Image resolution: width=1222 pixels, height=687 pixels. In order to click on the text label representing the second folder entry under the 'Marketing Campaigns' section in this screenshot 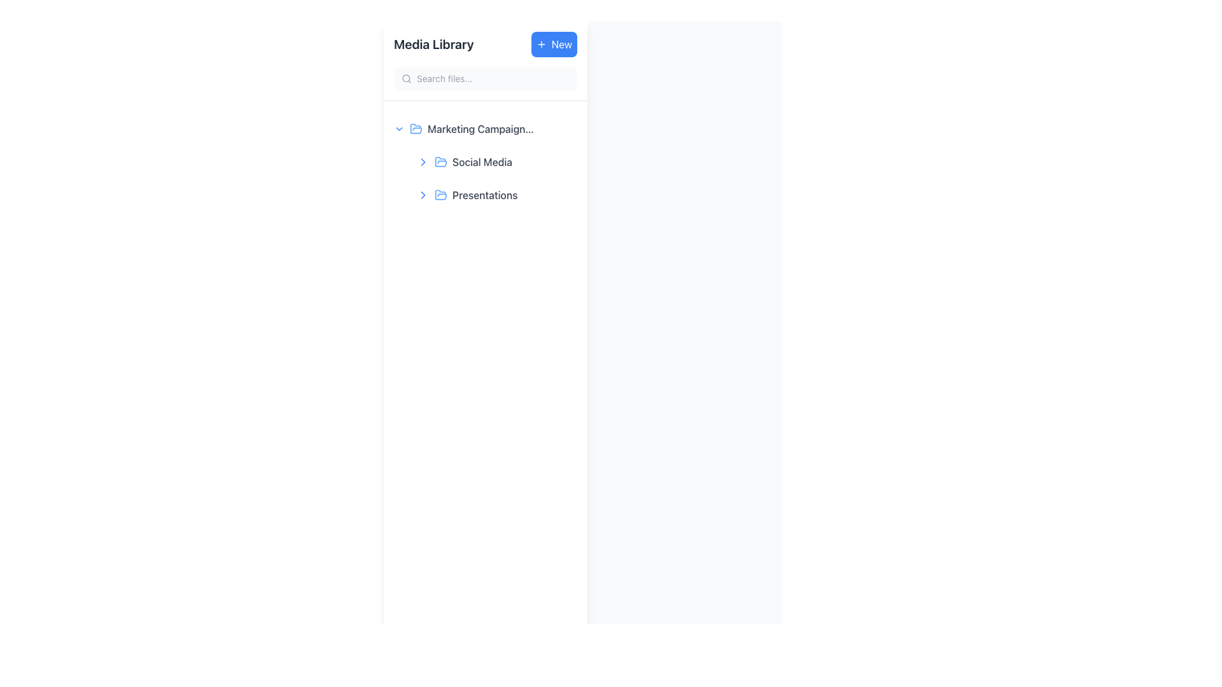, I will do `click(484, 195)`.